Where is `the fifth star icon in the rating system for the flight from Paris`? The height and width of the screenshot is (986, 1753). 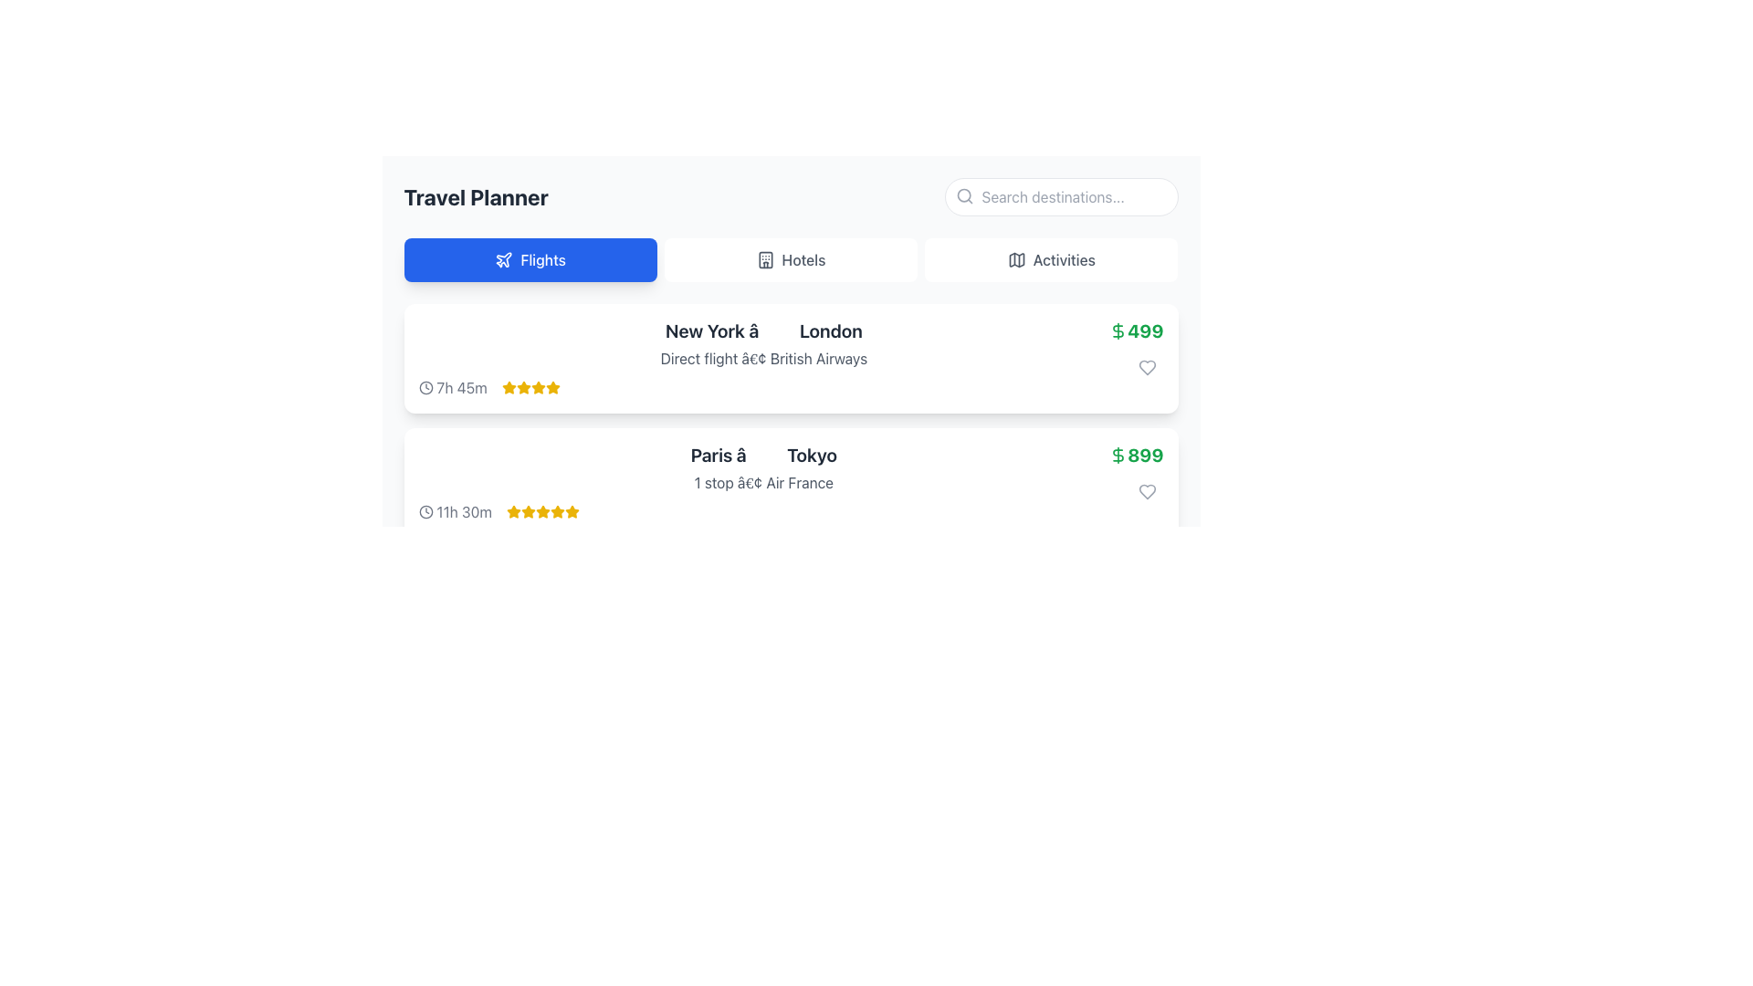
the fifth star icon in the rating system for the flight from Paris is located at coordinates (542, 511).